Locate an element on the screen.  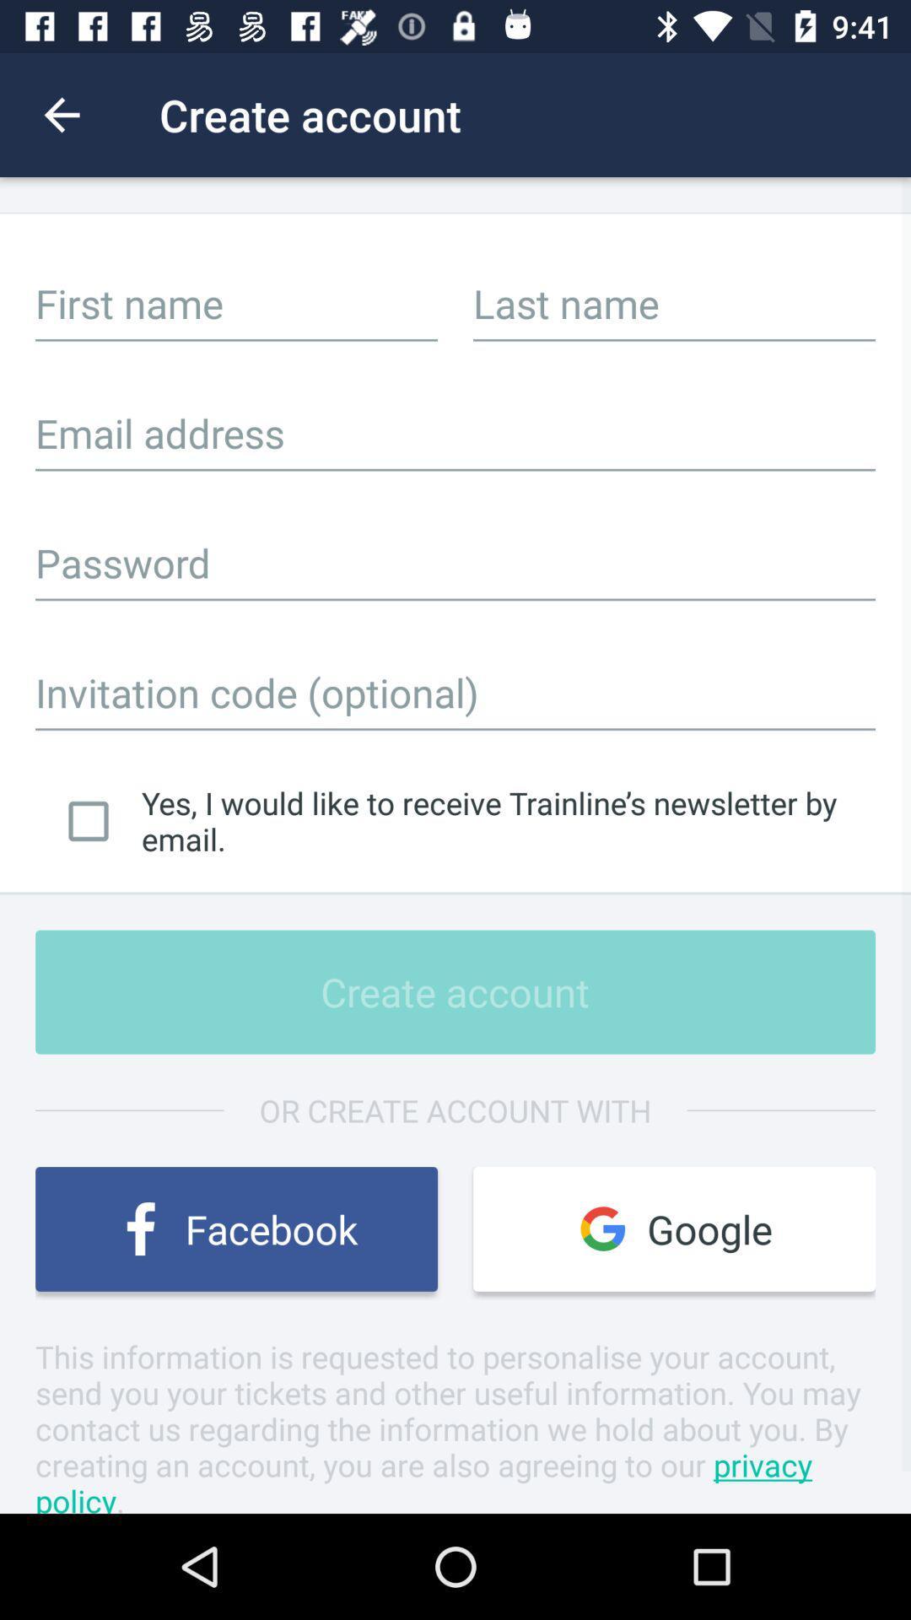
invitation code is located at coordinates (455, 692).